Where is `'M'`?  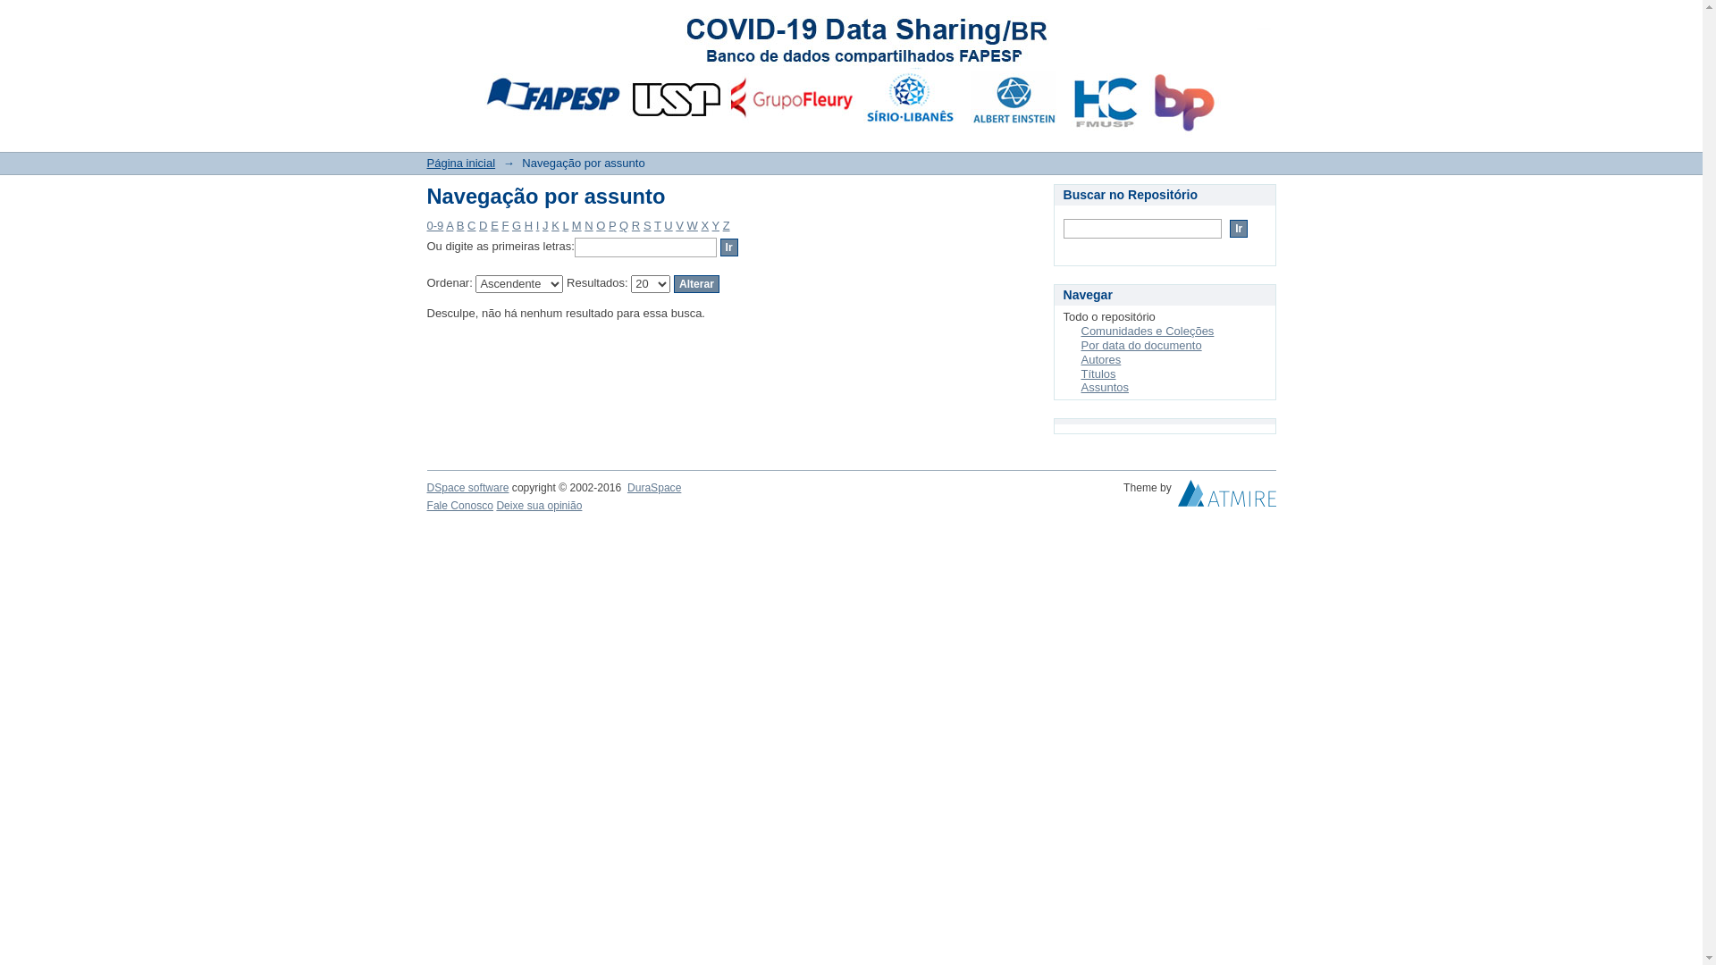
'M' is located at coordinates (576, 224).